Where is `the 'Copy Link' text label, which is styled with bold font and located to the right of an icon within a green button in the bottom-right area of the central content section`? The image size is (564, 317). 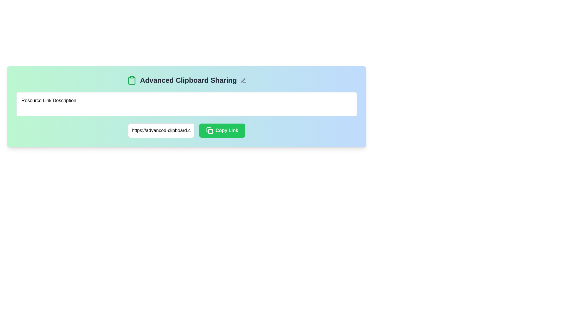 the 'Copy Link' text label, which is styled with bold font and located to the right of an icon within a green button in the bottom-right area of the central content section is located at coordinates (226, 130).